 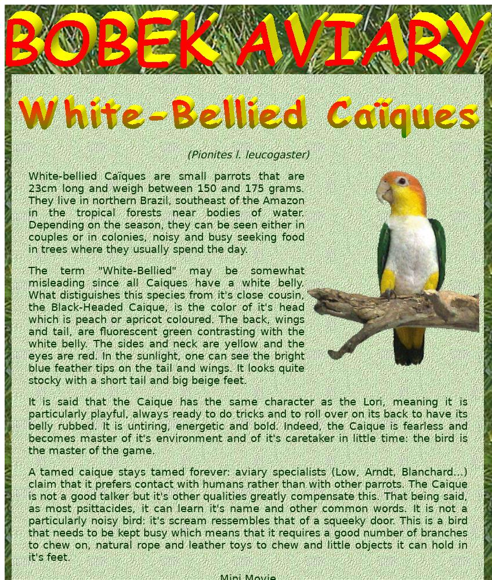 I want to click on 'a', so click(x=359, y=425).